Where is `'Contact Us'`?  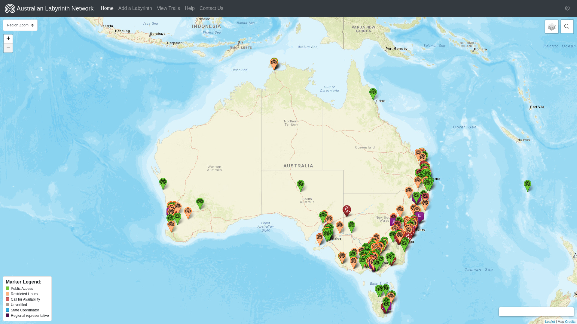 'Contact Us' is located at coordinates (211, 8).